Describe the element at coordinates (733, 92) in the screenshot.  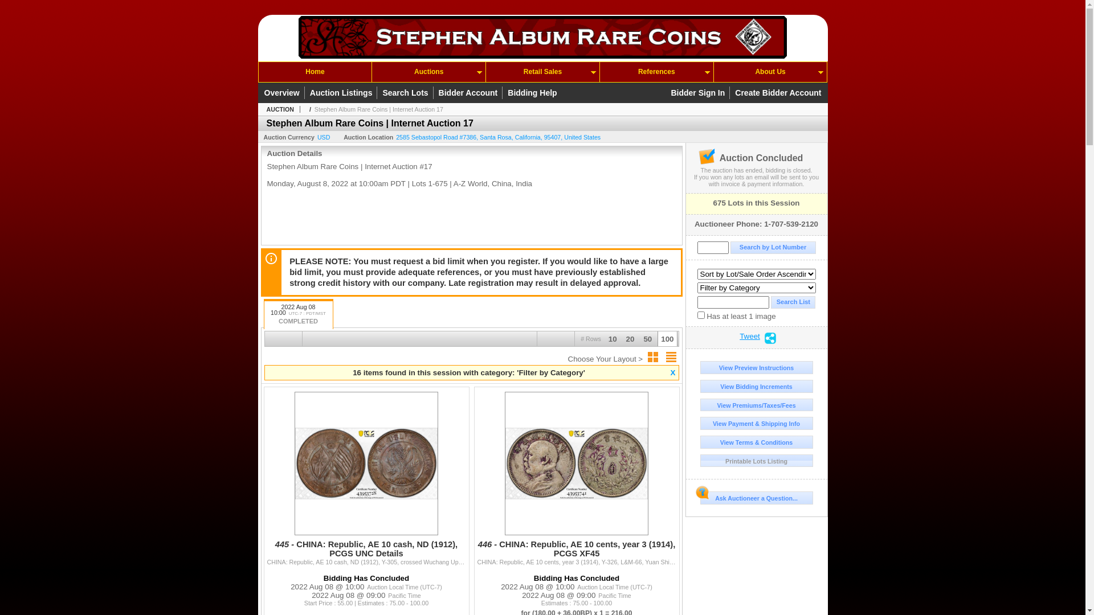
I see `'Create Bidder Account'` at that location.